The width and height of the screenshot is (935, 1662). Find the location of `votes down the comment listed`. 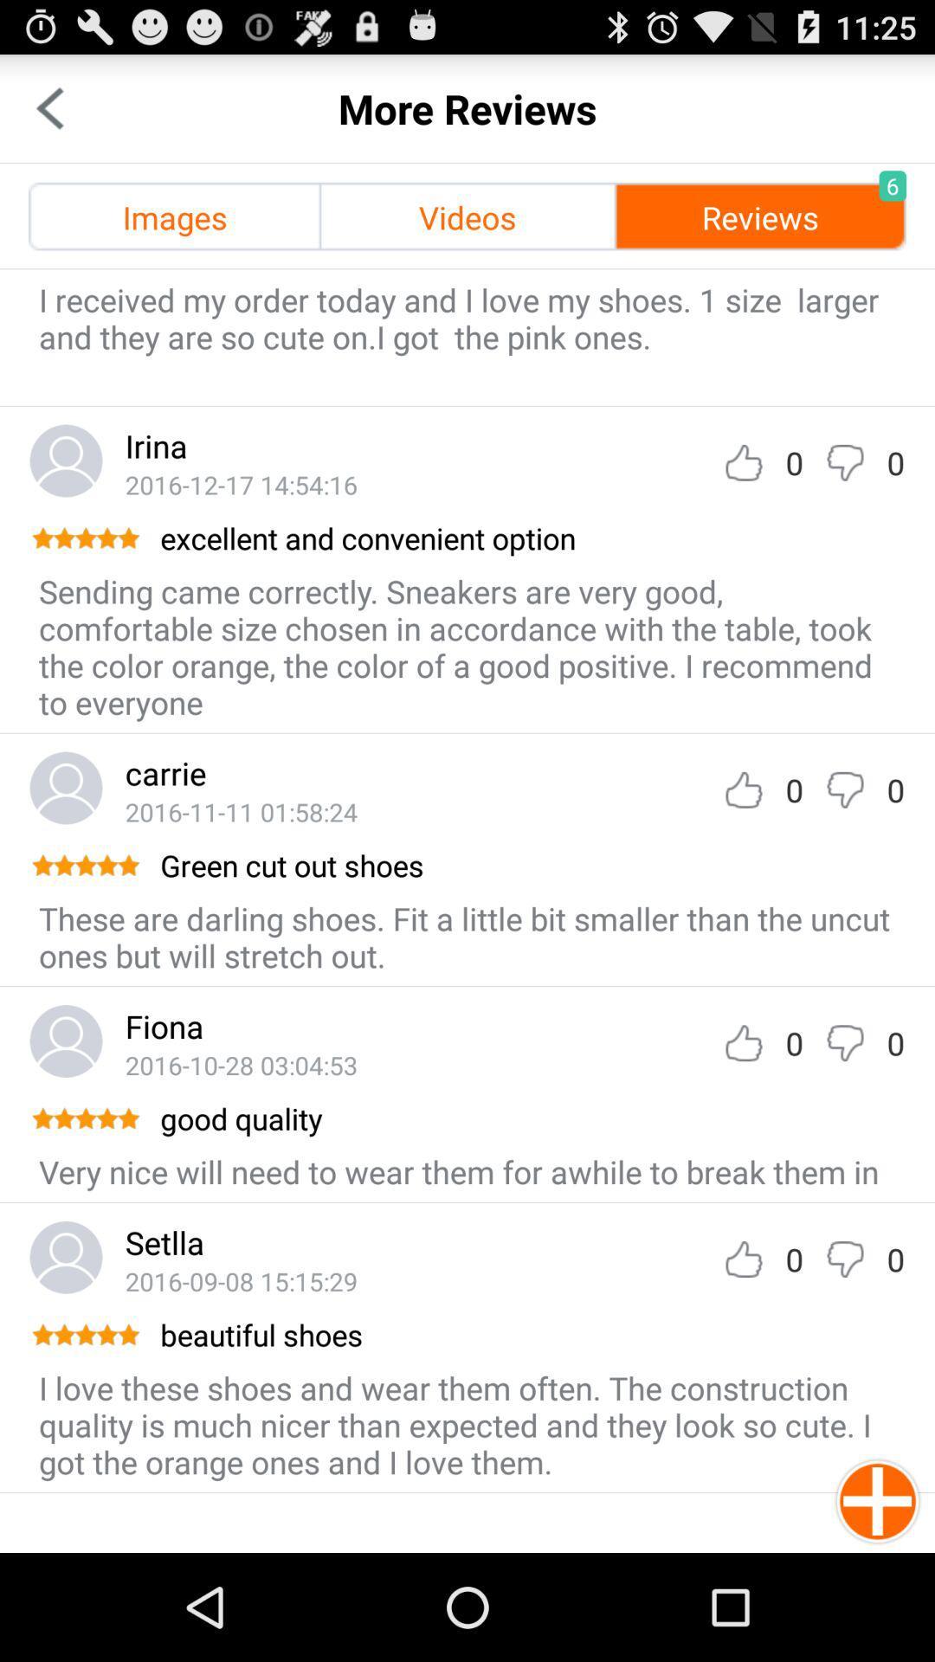

votes down the comment listed is located at coordinates (844, 1259).